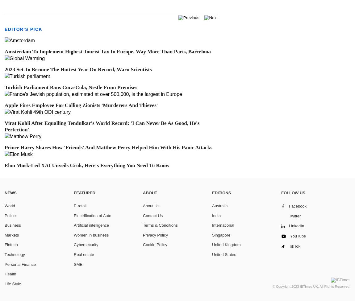 Image resolution: width=355 pixels, height=301 pixels. What do you see at coordinates (226, 245) in the screenshot?
I see `'United Kingdom'` at bounding box center [226, 245].